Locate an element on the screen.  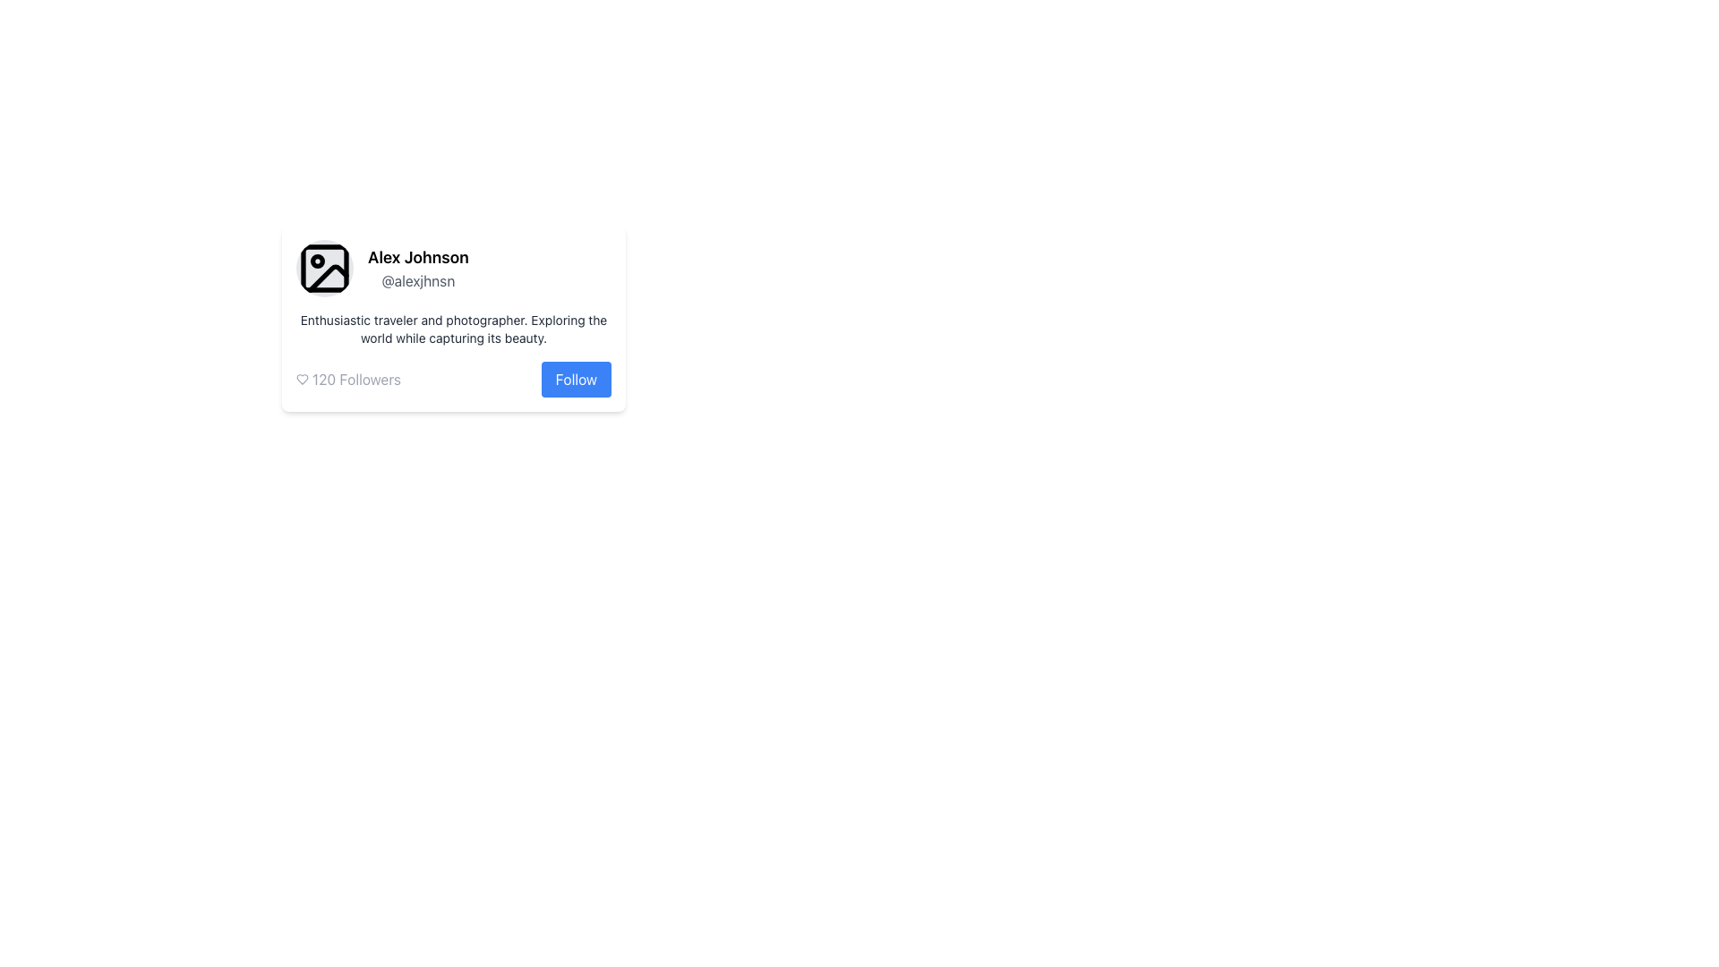
the prominently styled 'Follow' button with a blue background and white text to follow the profile is located at coordinates (576, 379).